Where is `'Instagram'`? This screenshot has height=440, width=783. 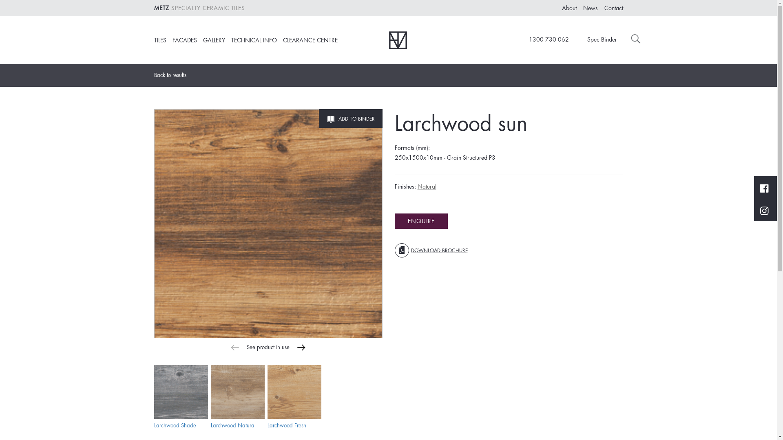
'Instagram' is located at coordinates (764, 210).